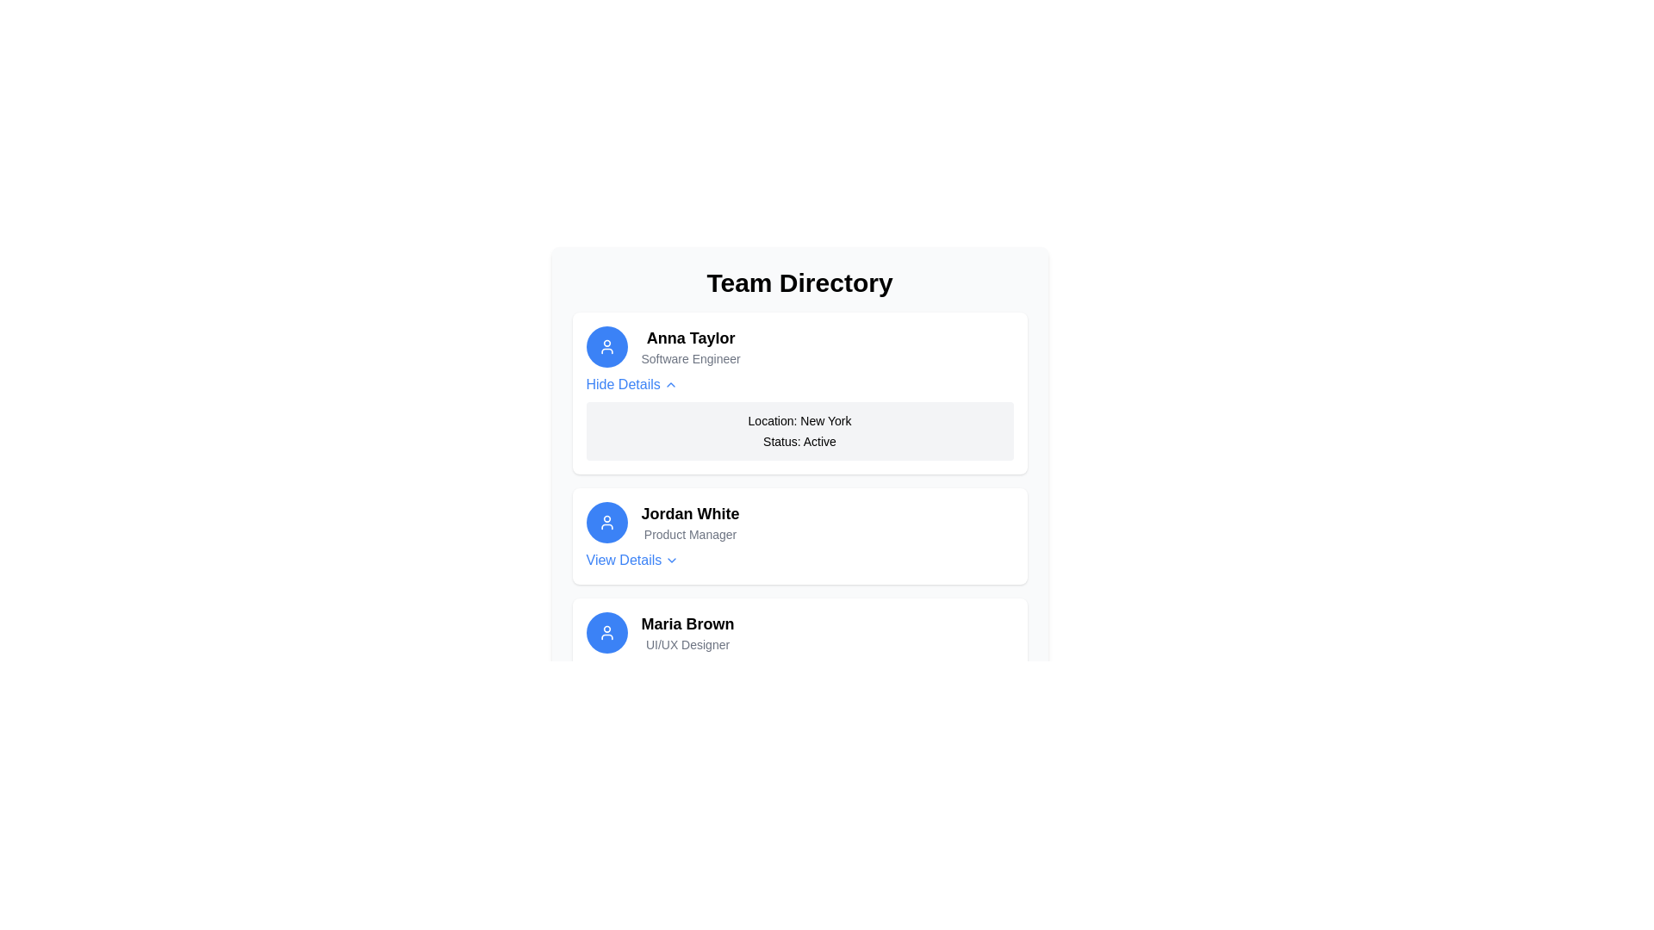  I want to click on the user profile icon for Maria Brown, which is located in the left part of the information panel, before the name and title text, so click(606, 633).